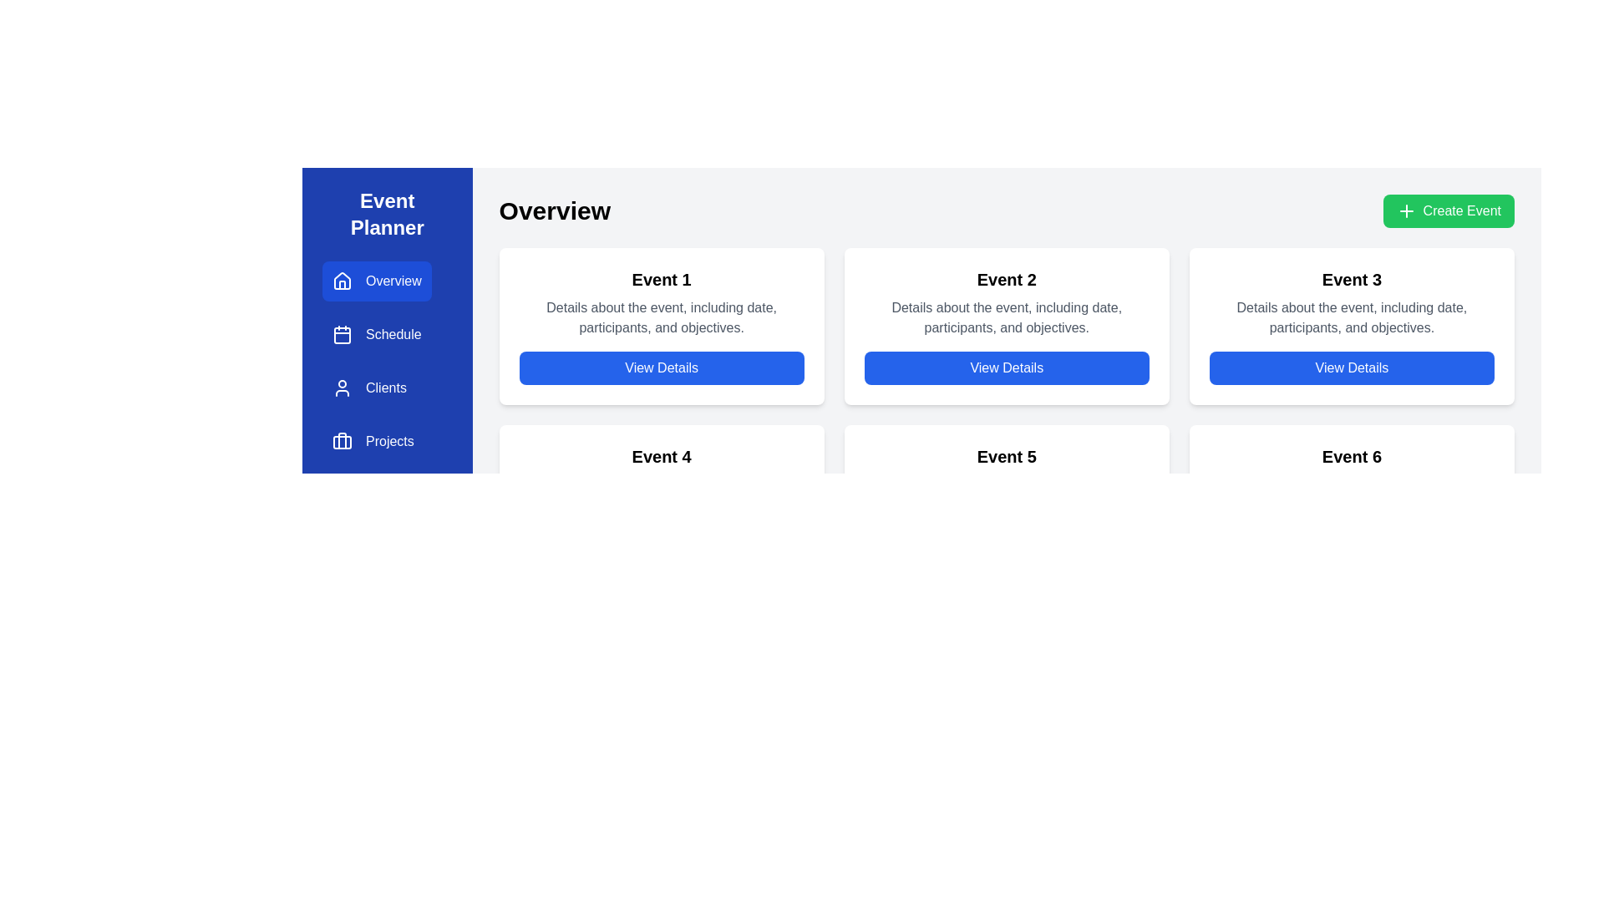  What do you see at coordinates (1352, 367) in the screenshot?
I see `the 'View Details' button located at the bottom of the third event card labeled 'Event 3' to observe the hover effect` at bounding box center [1352, 367].